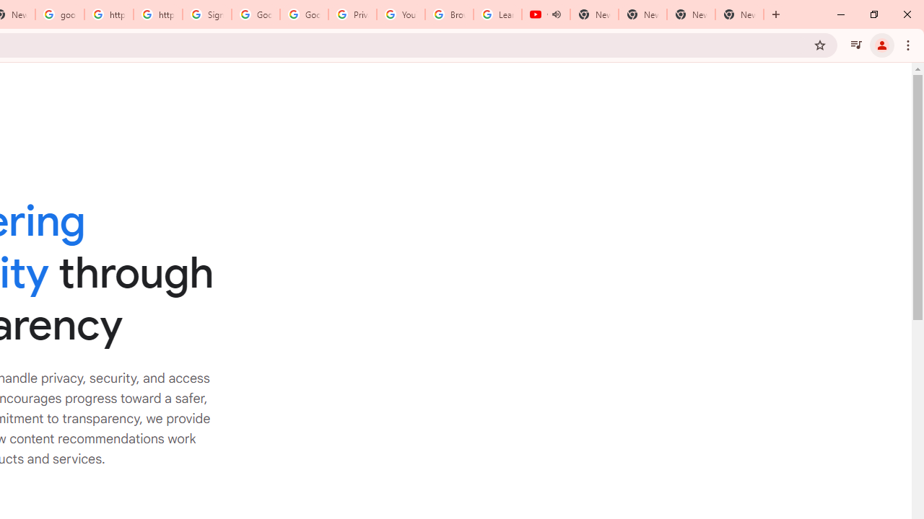 The image size is (924, 519). What do you see at coordinates (448, 14) in the screenshot?
I see `'Browse Chrome as a guest - Computer - Google Chrome Help'` at bounding box center [448, 14].